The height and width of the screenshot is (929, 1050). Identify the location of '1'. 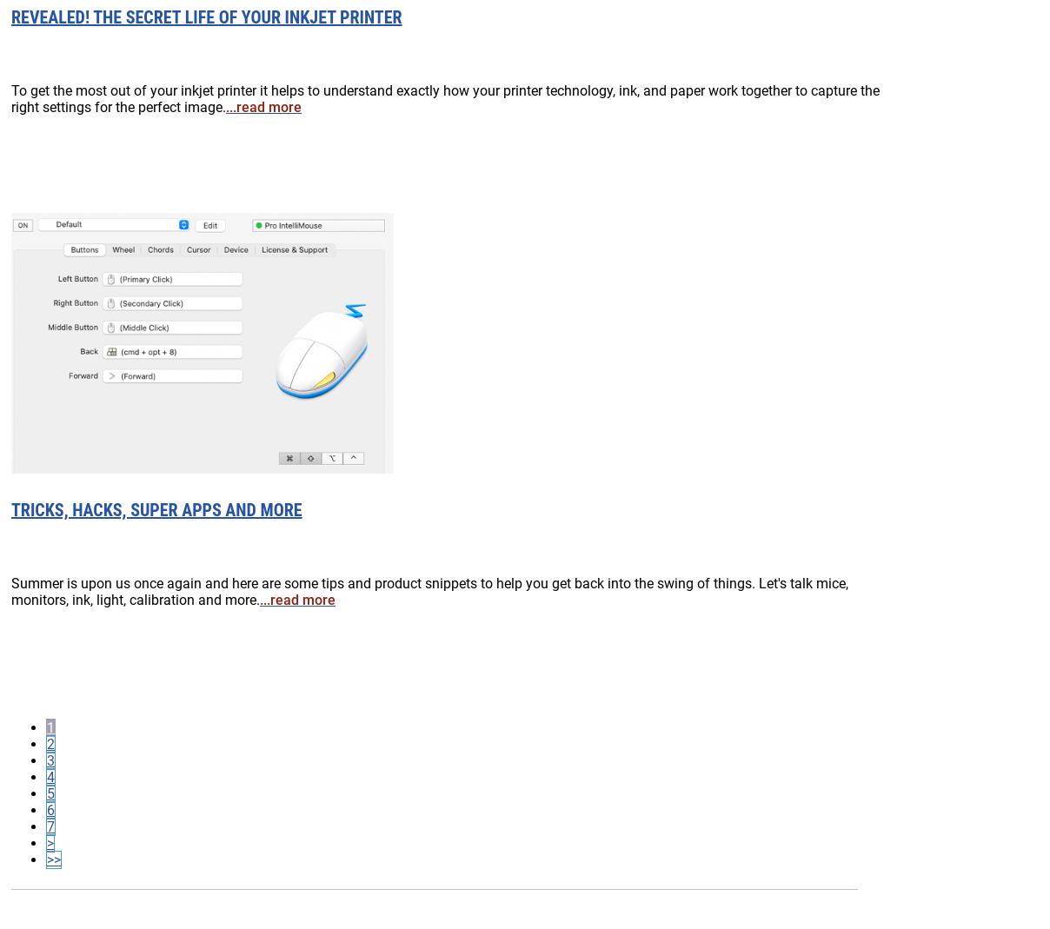
(50, 727).